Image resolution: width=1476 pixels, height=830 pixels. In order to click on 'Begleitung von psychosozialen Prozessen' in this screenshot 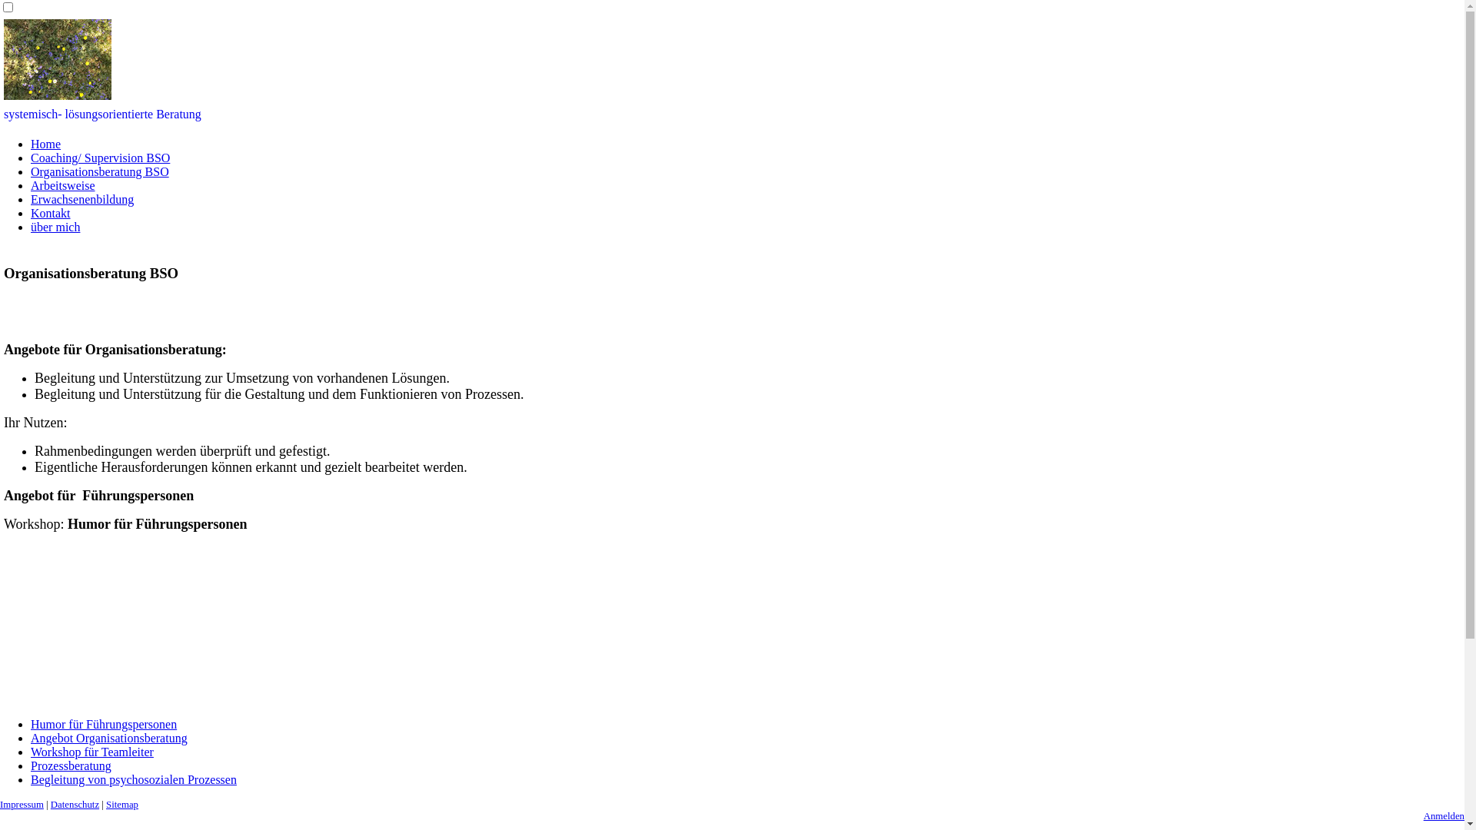, I will do `click(30, 779)`.